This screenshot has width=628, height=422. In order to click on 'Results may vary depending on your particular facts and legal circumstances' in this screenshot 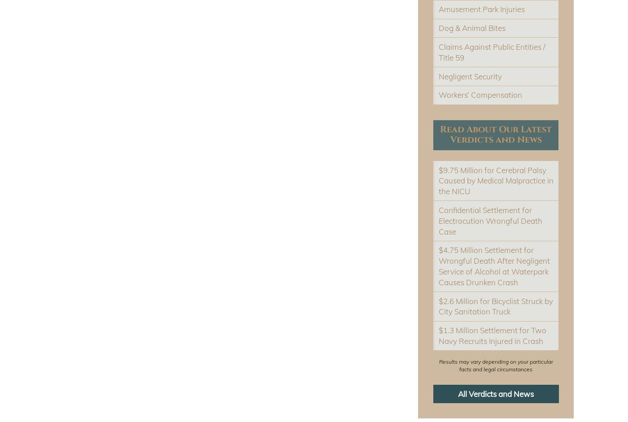, I will do `click(496, 365)`.